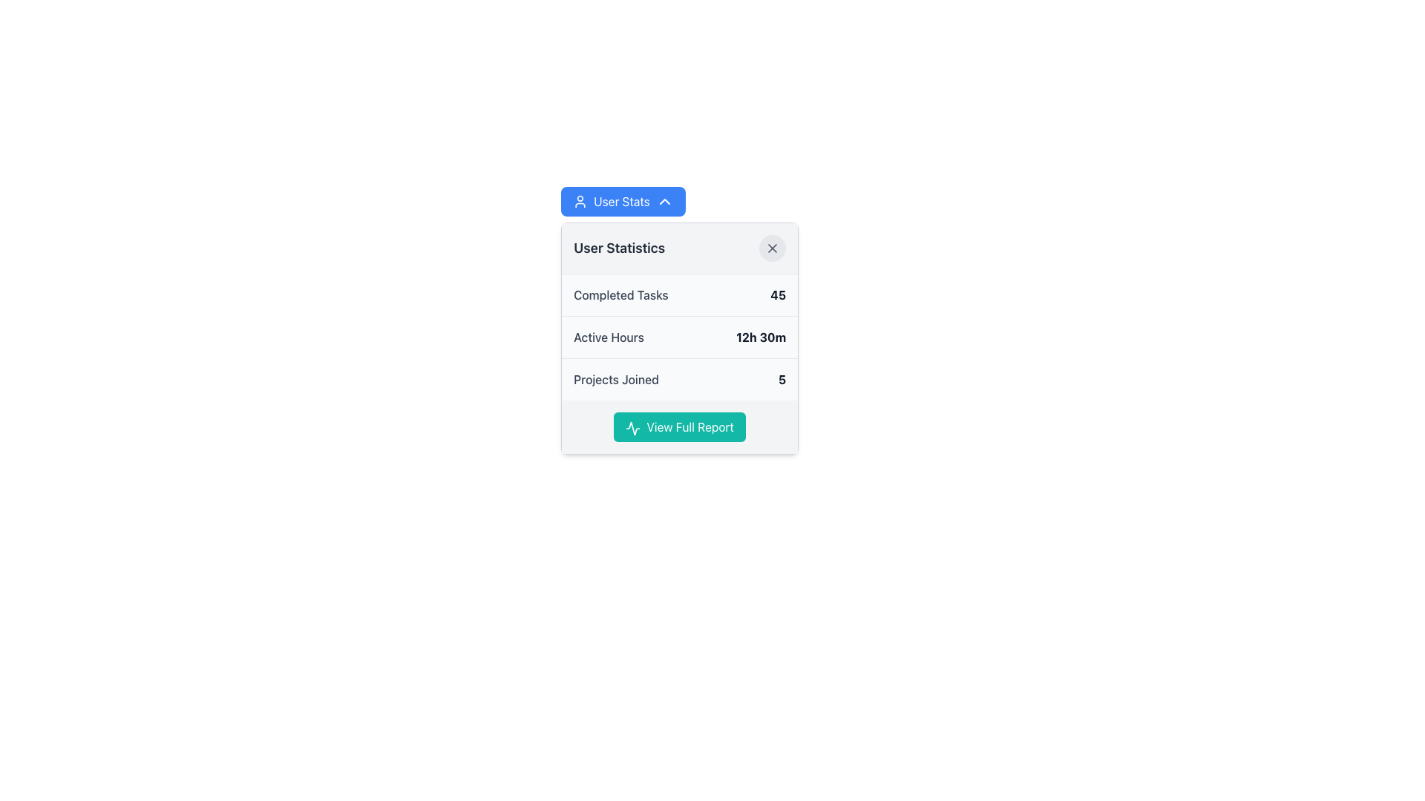  I want to click on the static text label displaying the count of completed tasks, located in the User Statistics card adjacent to the 'Completed Tasks' label, so click(777, 294).